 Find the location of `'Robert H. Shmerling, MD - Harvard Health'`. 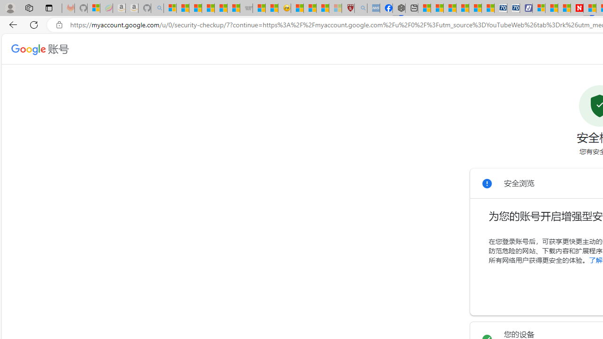

'Robert H. Shmerling, MD - Harvard Health' is located at coordinates (348, 8).